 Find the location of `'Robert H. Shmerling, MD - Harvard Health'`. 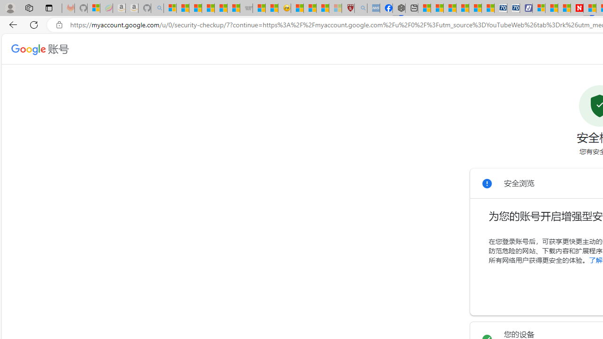

'Robert H. Shmerling, MD - Harvard Health' is located at coordinates (348, 8).